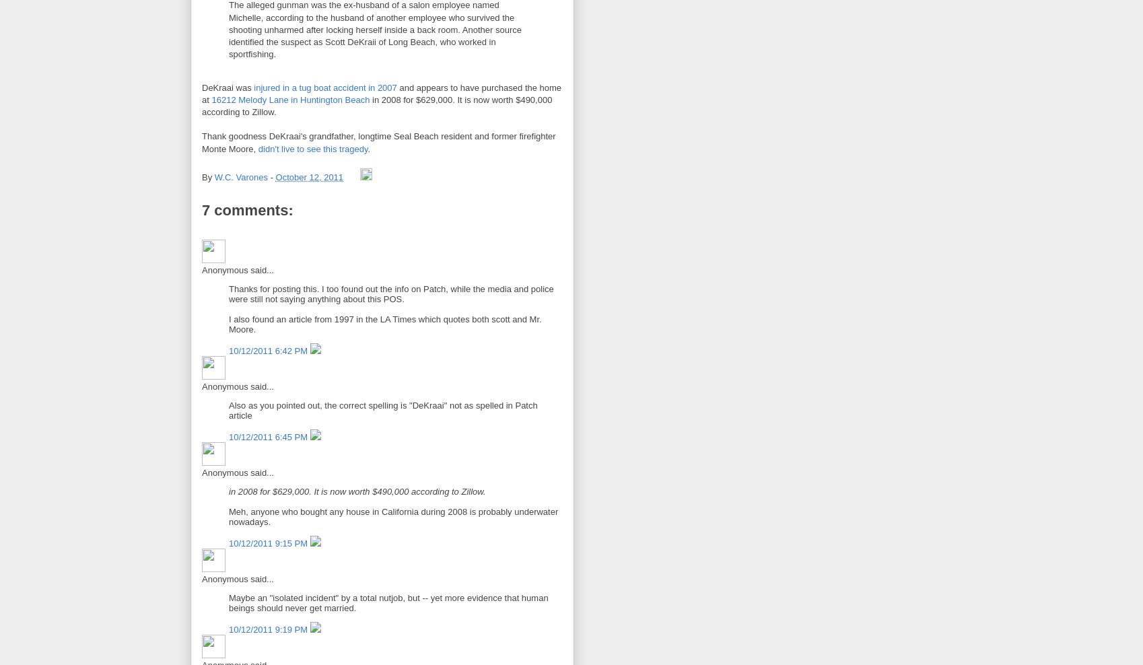 This screenshot has width=1143, height=665. I want to click on '16212 Melody Lane in Huntington Beach', so click(210, 98).